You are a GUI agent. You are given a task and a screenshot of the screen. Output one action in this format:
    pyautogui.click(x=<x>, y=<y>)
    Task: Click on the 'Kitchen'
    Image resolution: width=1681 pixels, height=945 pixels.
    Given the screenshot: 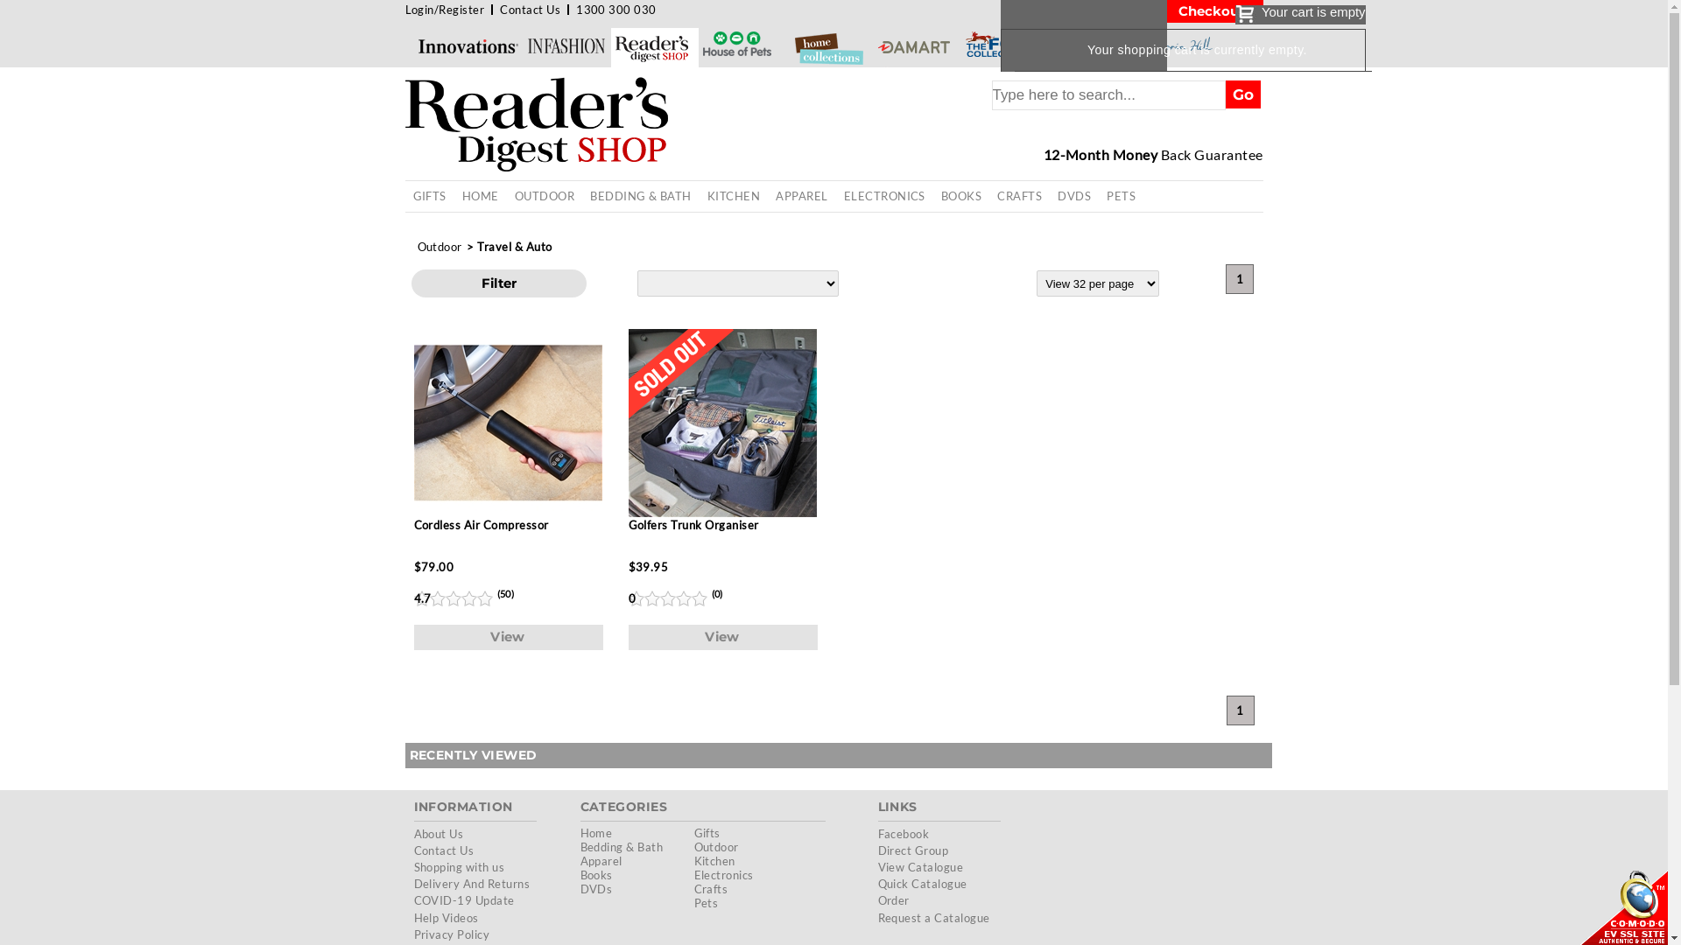 What is the action you would take?
    pyautogui.click(x=714, y=859)
    